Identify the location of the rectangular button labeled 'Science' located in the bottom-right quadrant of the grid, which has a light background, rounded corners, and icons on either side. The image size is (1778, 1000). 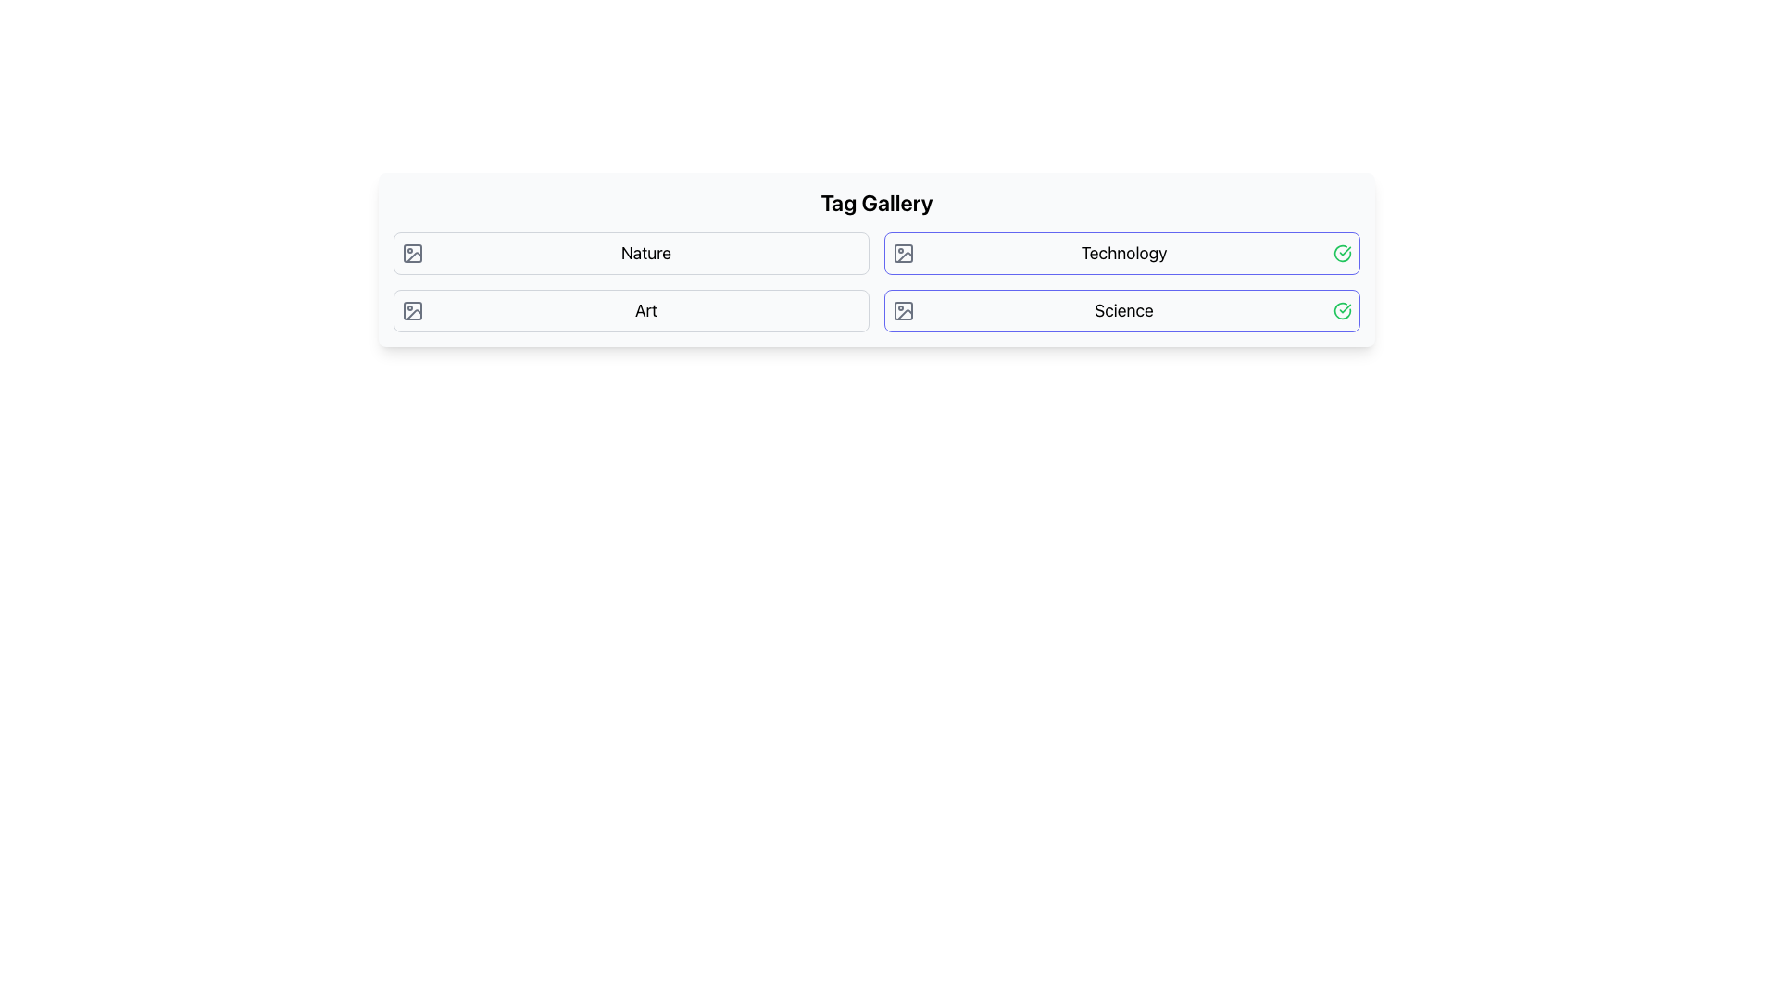
(1121, 309).